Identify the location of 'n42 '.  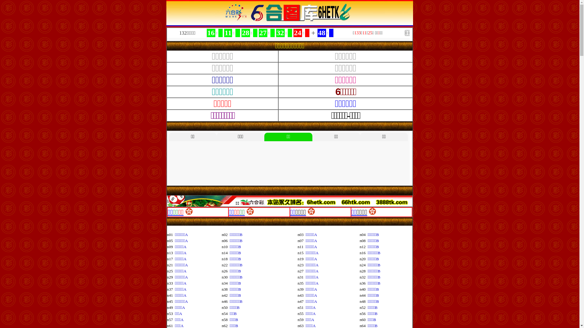
(225, 295).